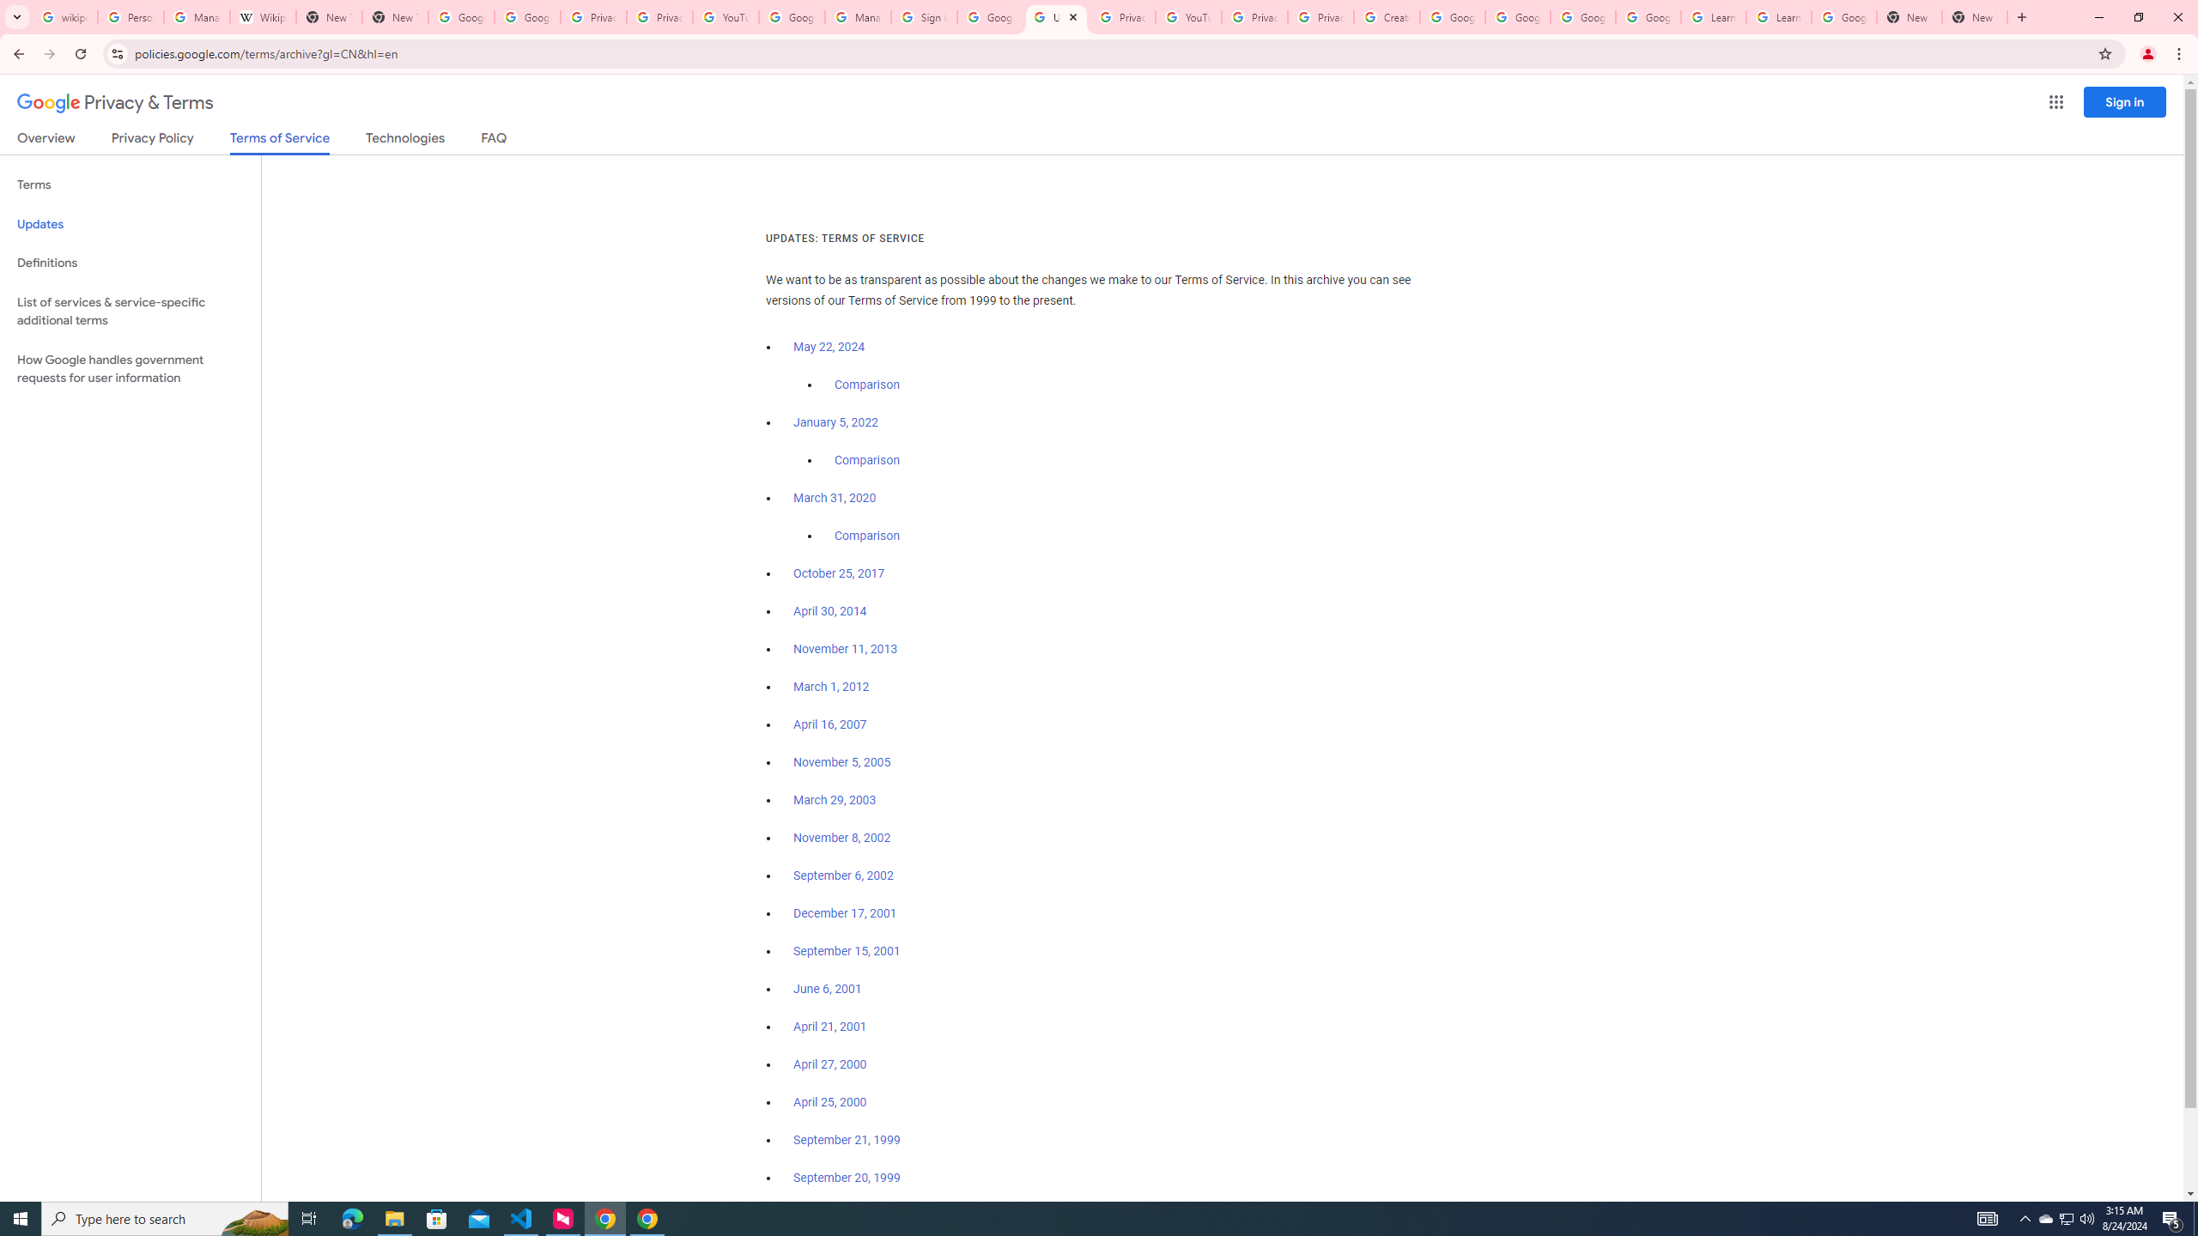  What do you see at coordinates (847, 950) in the screenshot?
I see `'September 15, 2001'` at bounding box center [847, 950].